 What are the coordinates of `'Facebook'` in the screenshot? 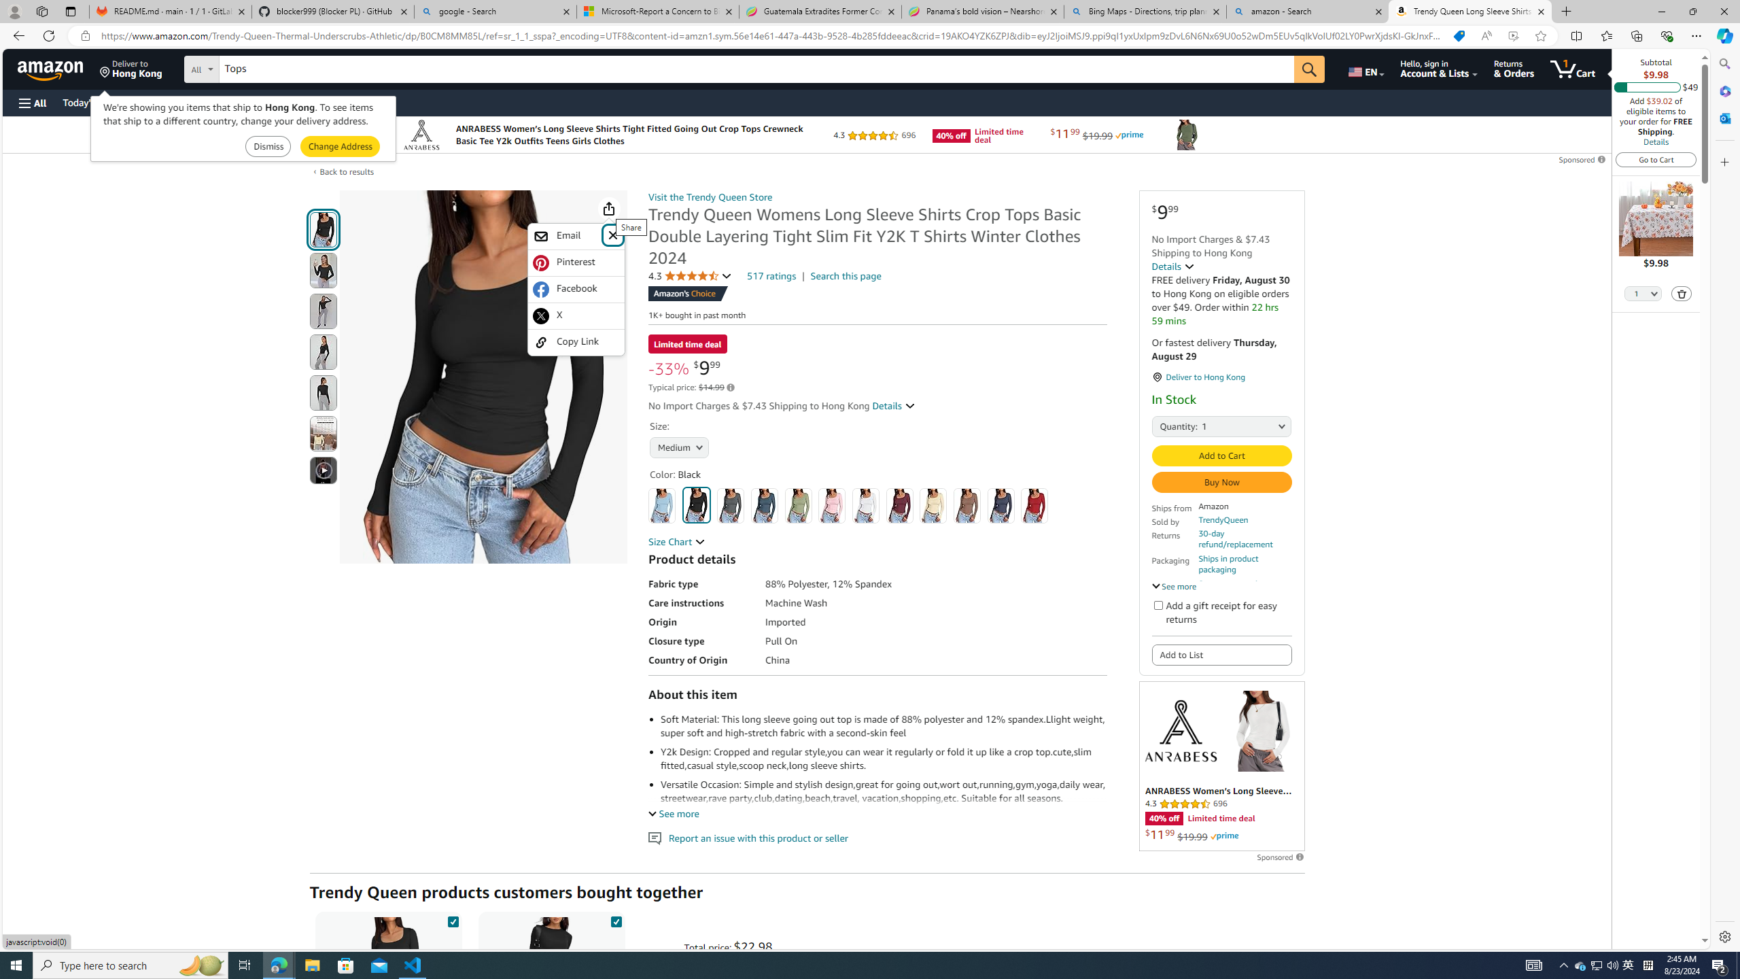 It's located at (576, 289).